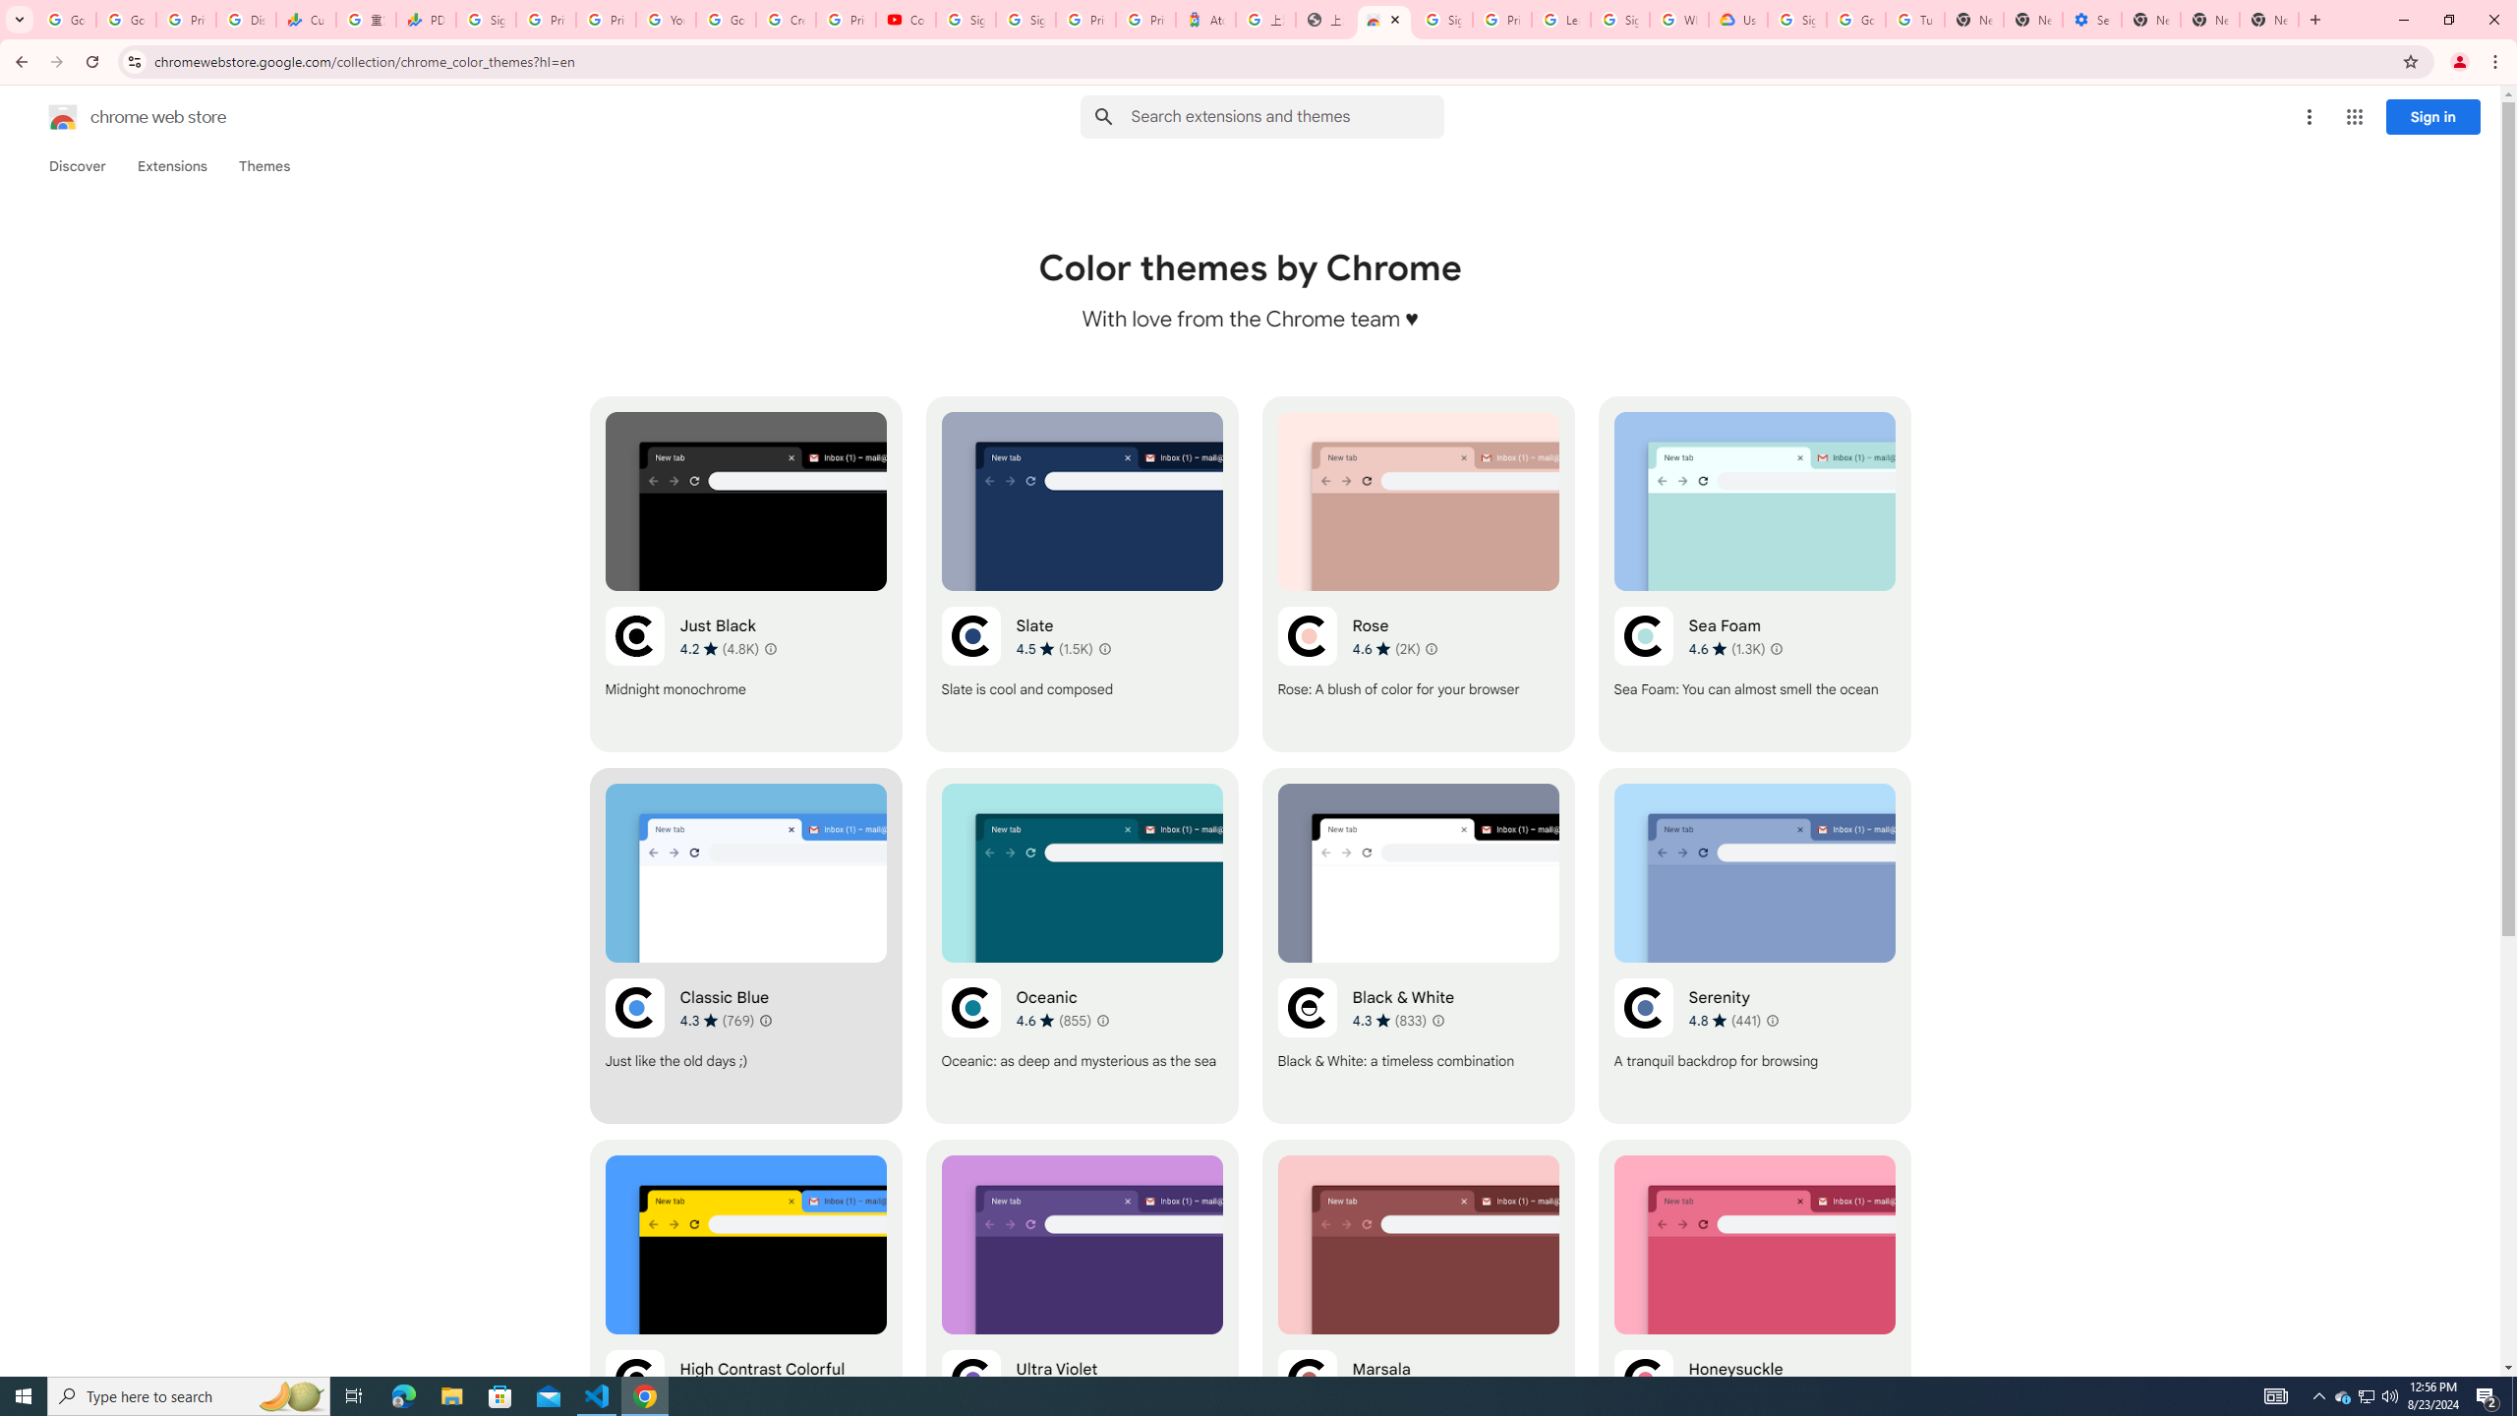 The height and width of the screenshot is (1416, 2517). Describe the element at coordinates (1389, 1020) in the screenshot. I see `'Average rating 4.3 out of 5 stars. 833 ratings.'` at that location.